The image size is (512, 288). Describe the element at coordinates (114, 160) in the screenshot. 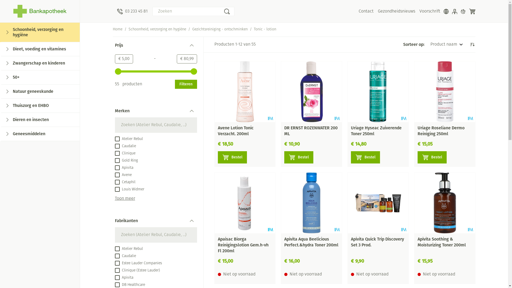

I see `'Gold Ring'` at that location.